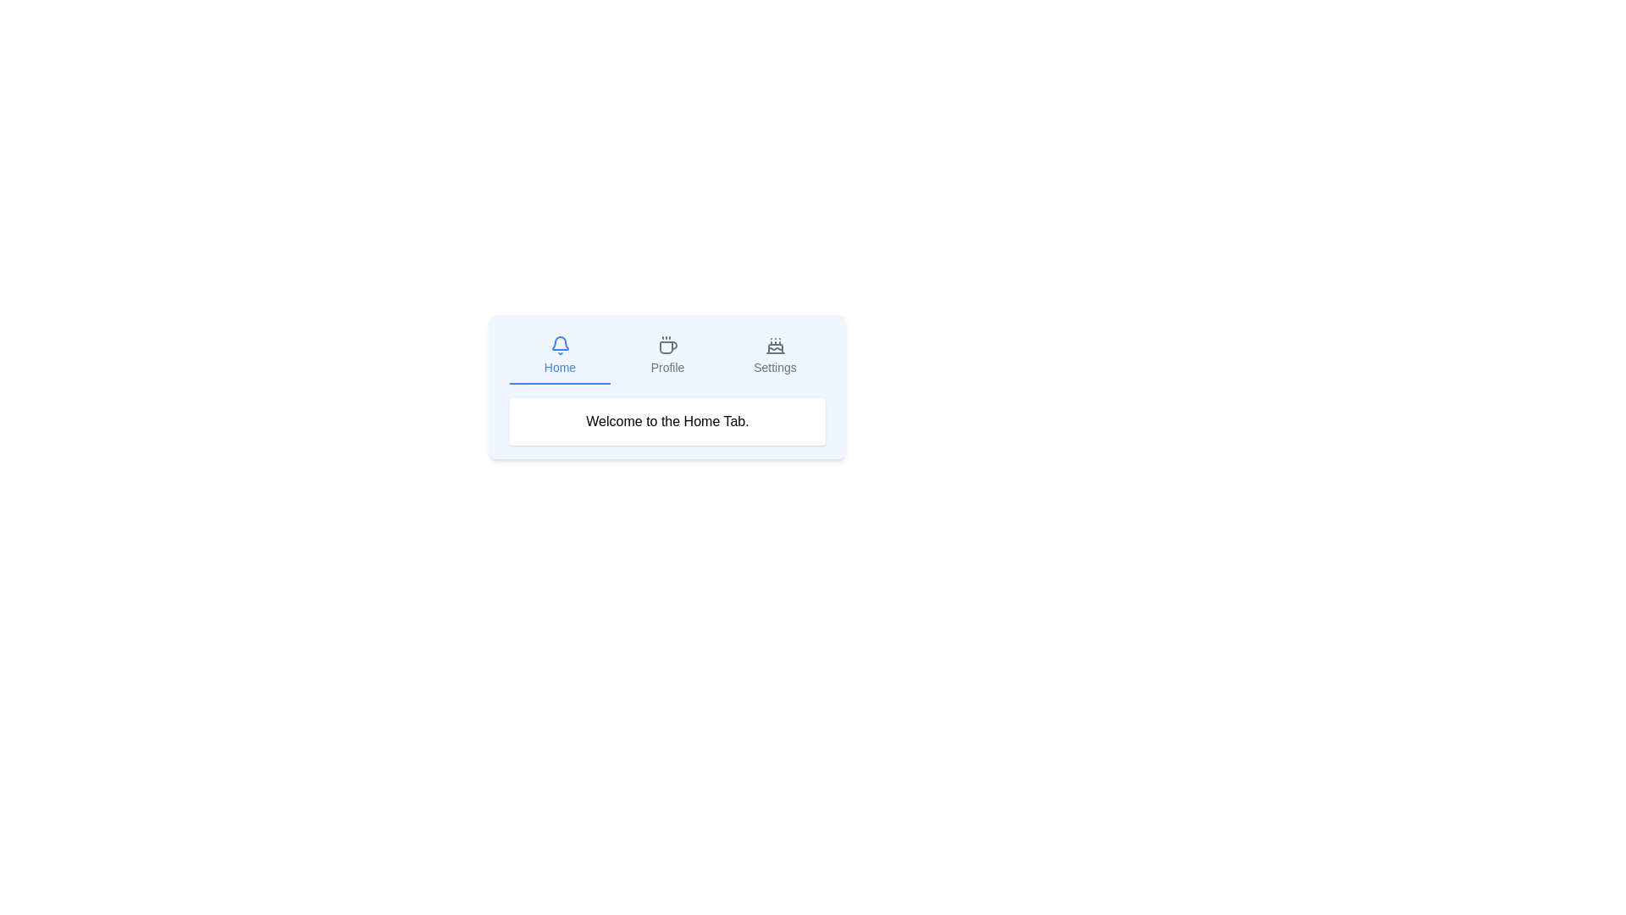 The width and height of the screenshot is (1626, 915). I want to click on the Home tab by clicking on its button, so click(560, 355).